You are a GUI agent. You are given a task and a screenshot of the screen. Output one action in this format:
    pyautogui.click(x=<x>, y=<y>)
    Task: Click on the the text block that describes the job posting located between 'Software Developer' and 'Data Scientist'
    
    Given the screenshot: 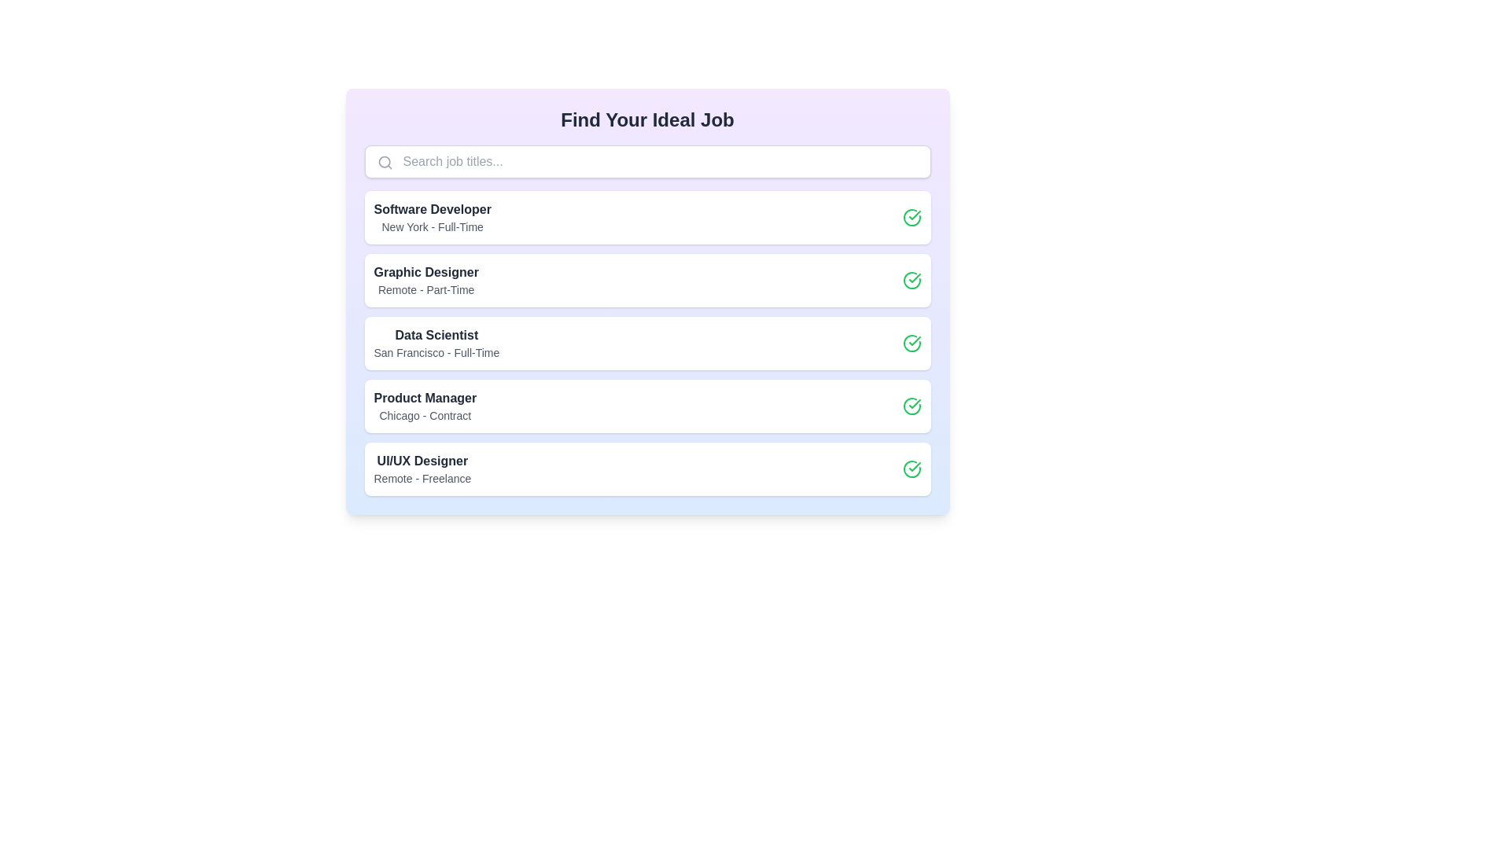 What is the action you would take?
    pyautogui.click(x=426, y=280)
    